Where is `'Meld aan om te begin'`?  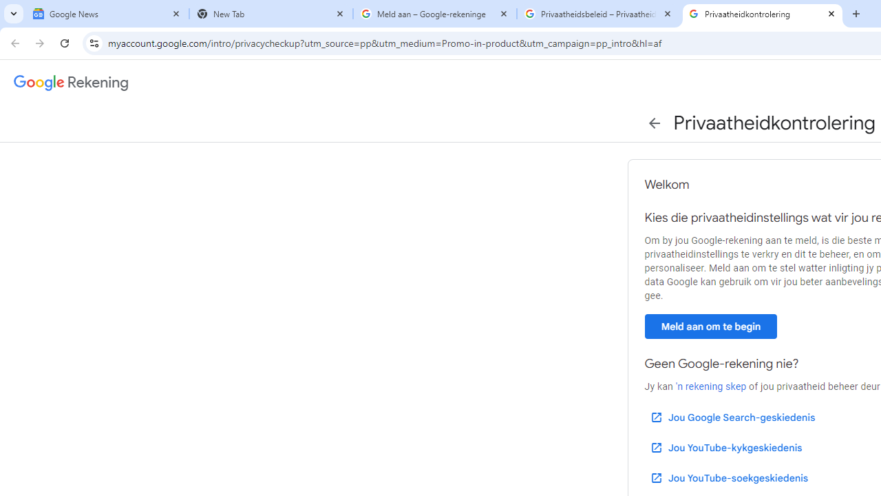 'Meld aan om te begin' is located at coordinates (710, 326).